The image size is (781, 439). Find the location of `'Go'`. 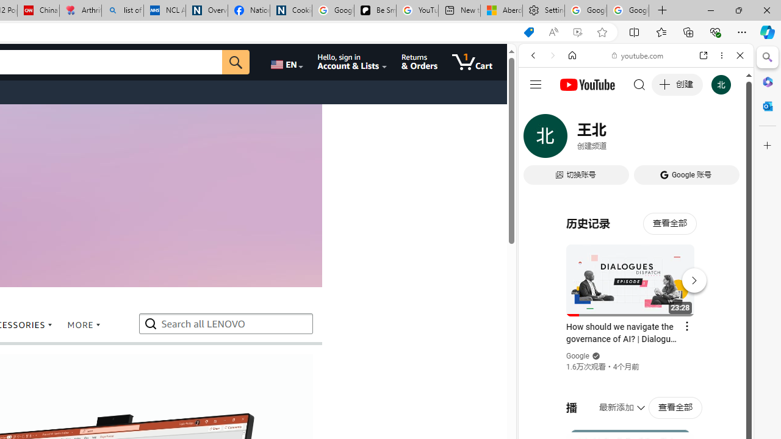

'Go' is located at coordinates (236, 62).